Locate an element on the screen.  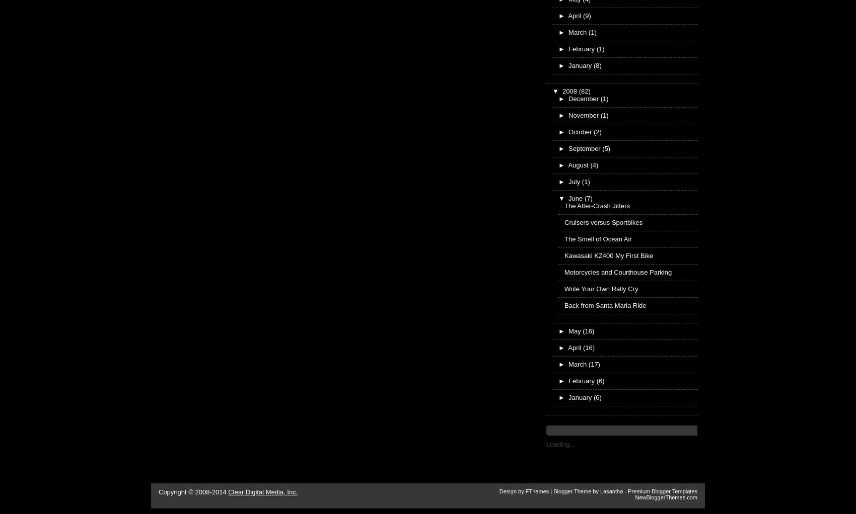
'(2)' is located at coordinates (596, 131).